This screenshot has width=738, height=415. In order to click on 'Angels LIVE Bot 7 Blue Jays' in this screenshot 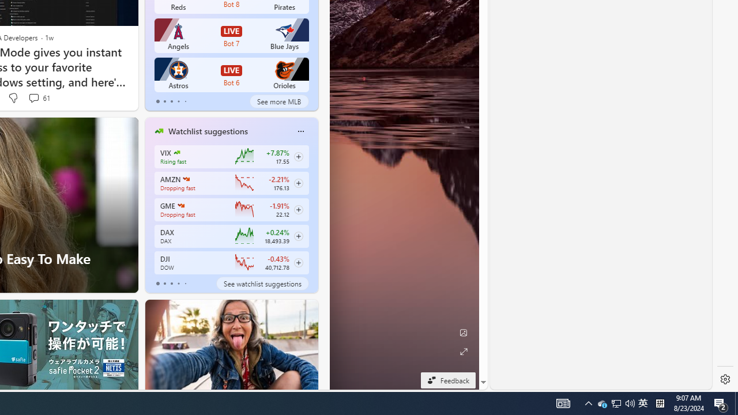, I will do `click(231, 35)`.